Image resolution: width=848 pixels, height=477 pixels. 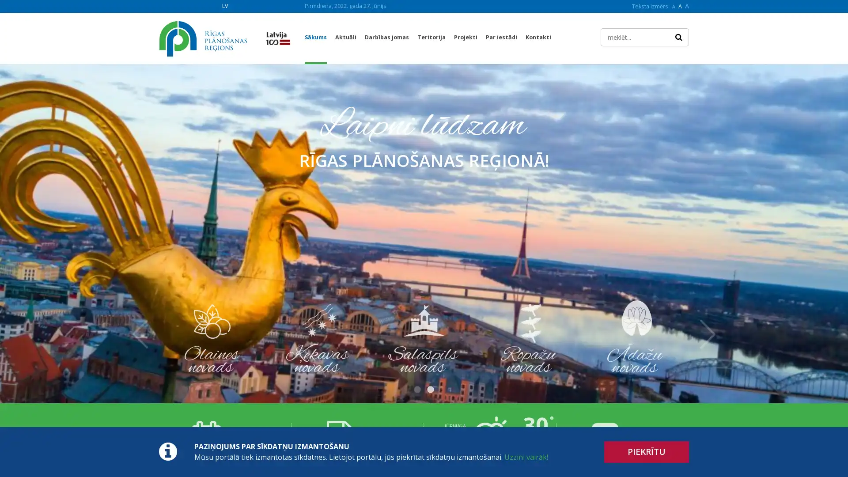 What do you see at coordinates (417, 390) in the screenshot?
I see `1` at bounding box center [417, 390].